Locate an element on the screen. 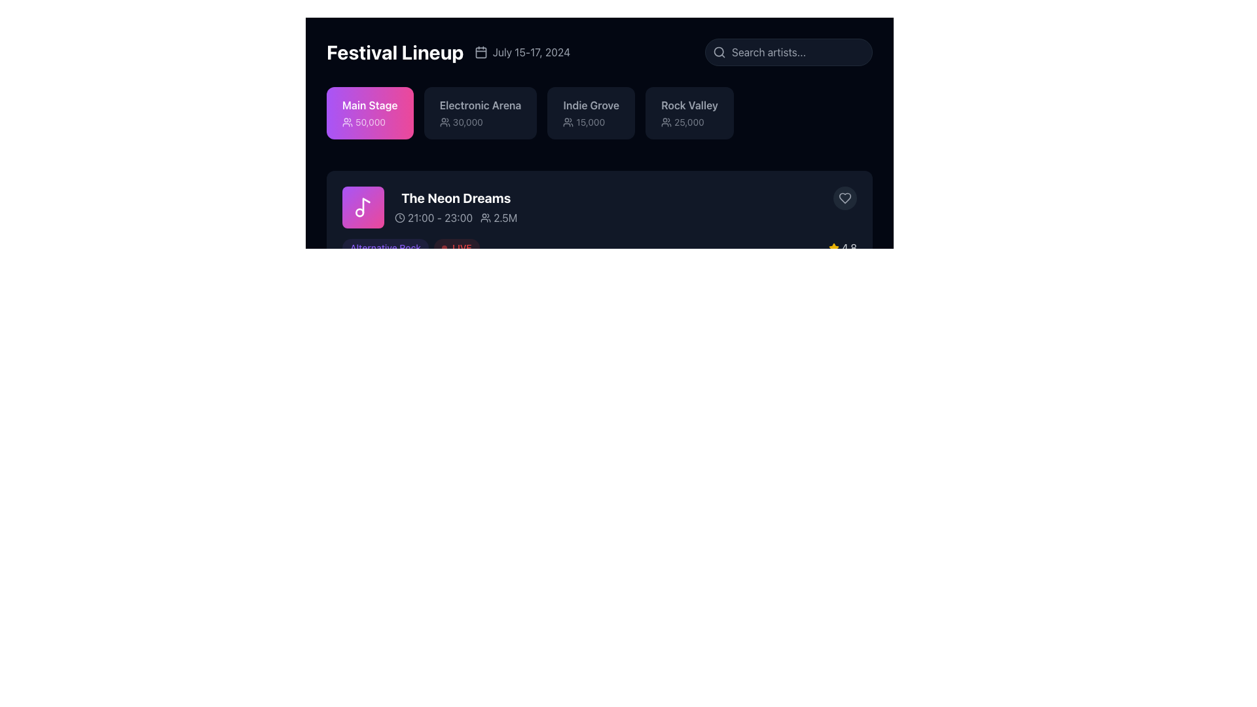  the Text Label element displaying the title 'The Neon Dreams' styled in bold white font against a dark background is located at coordinates (456, 198).